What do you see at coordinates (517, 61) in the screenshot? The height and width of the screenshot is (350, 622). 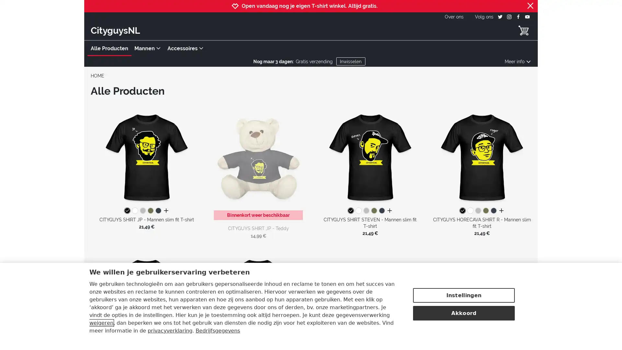 I see `Meer info` at bounding box center [517, 61].